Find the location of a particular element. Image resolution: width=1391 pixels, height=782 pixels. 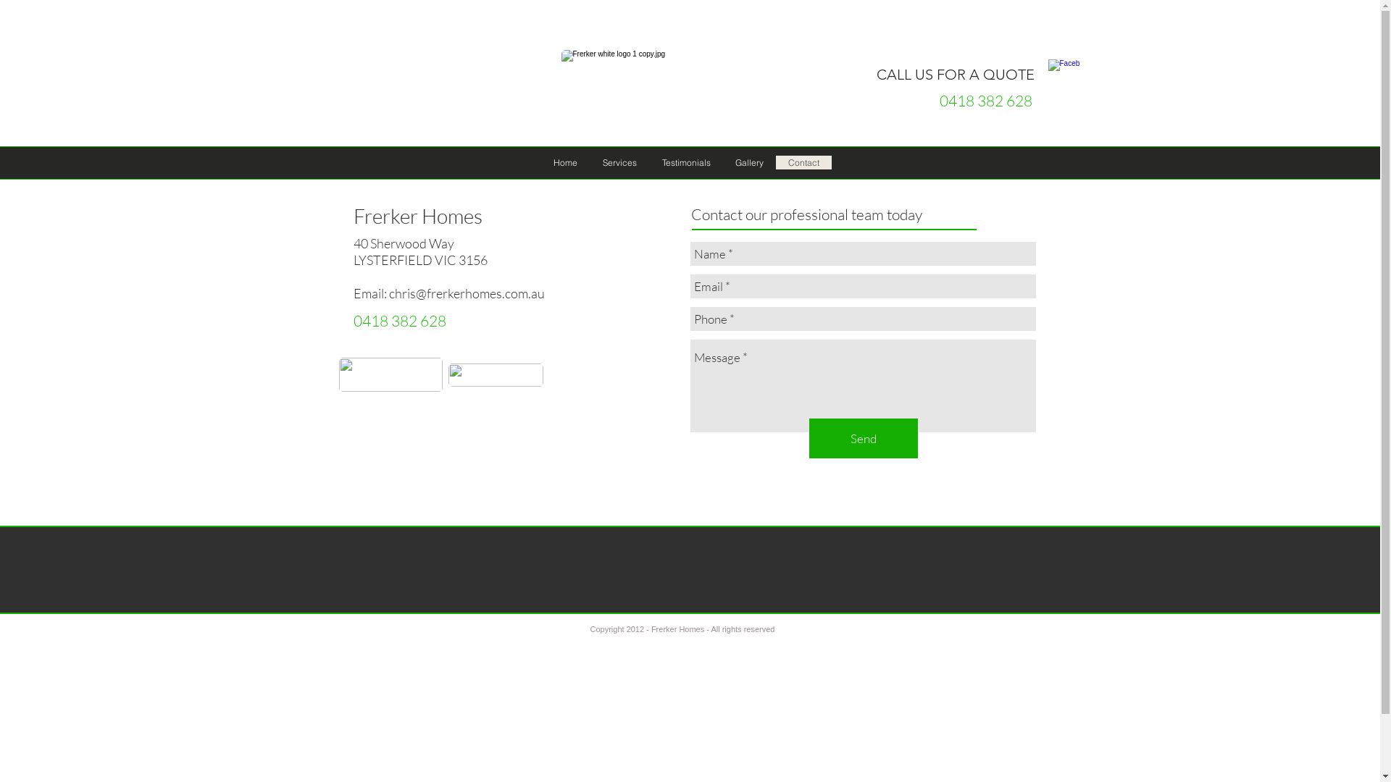

'chris@frerkerhomes.com.au' is located at coordinates (466, 293).